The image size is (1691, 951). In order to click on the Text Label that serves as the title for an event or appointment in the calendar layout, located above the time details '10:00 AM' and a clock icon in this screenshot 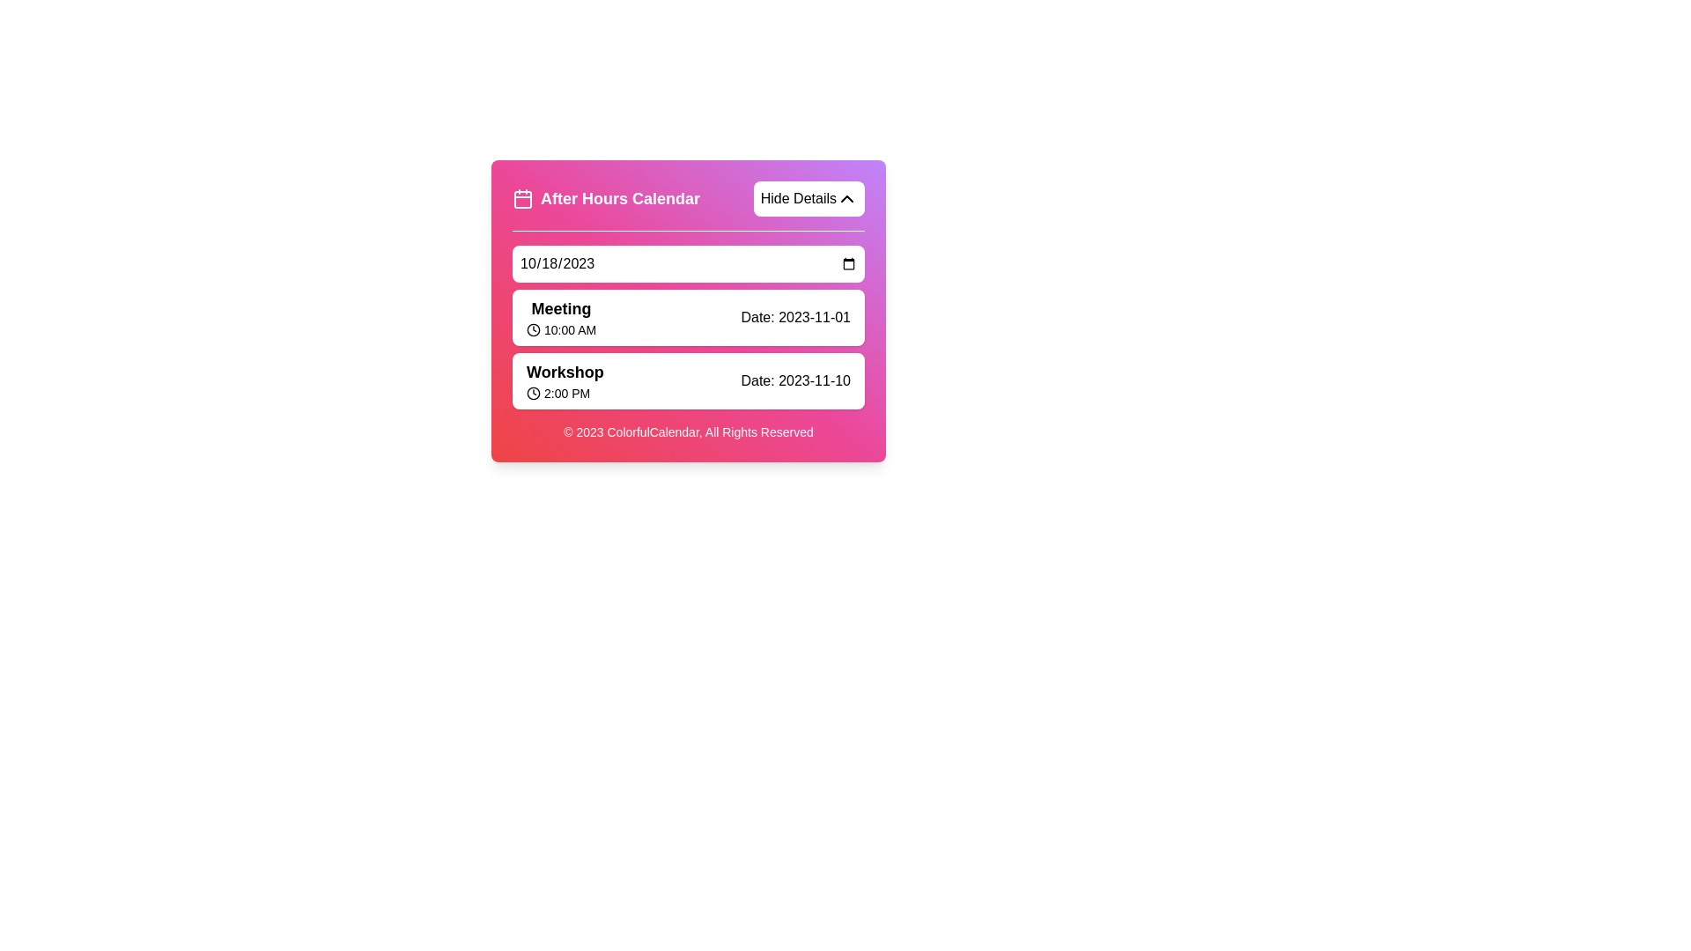, I will do `click(560, 308)`.